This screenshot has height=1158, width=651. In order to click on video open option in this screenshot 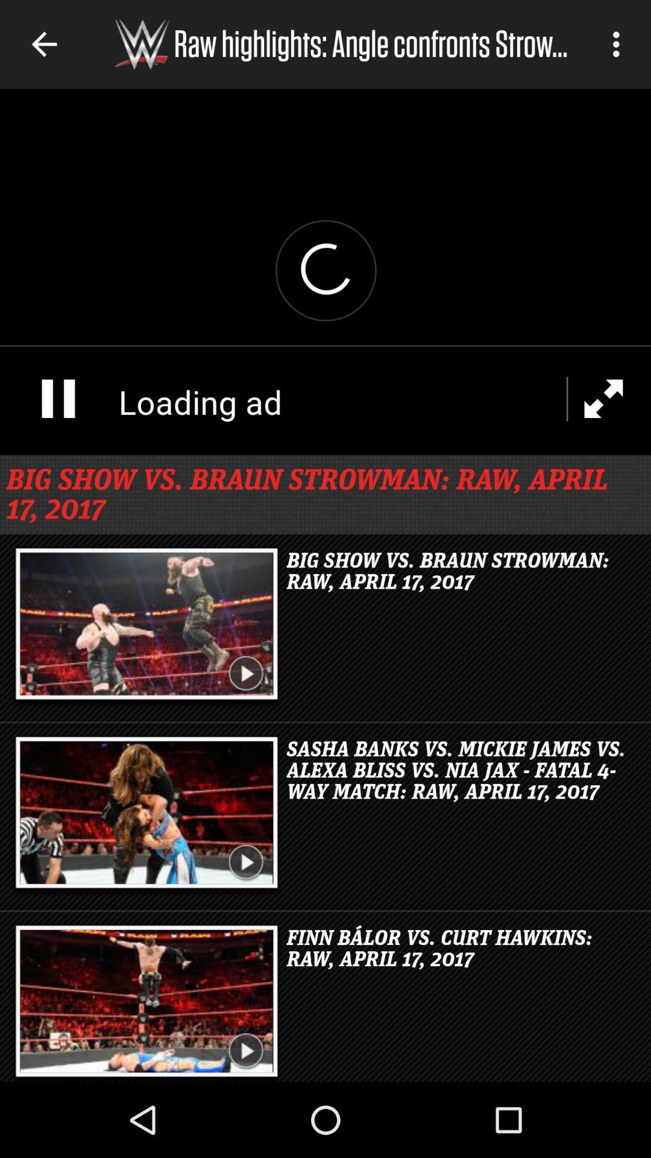, I will do `click(325, 271)`.